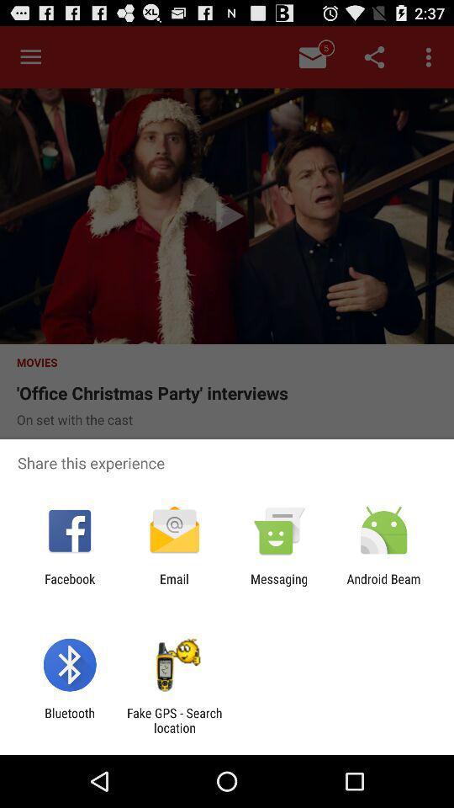 Image resolution: width=454 pixels, height=808 pixels. I want to click on item to the left of the email app, so click(69, 586).